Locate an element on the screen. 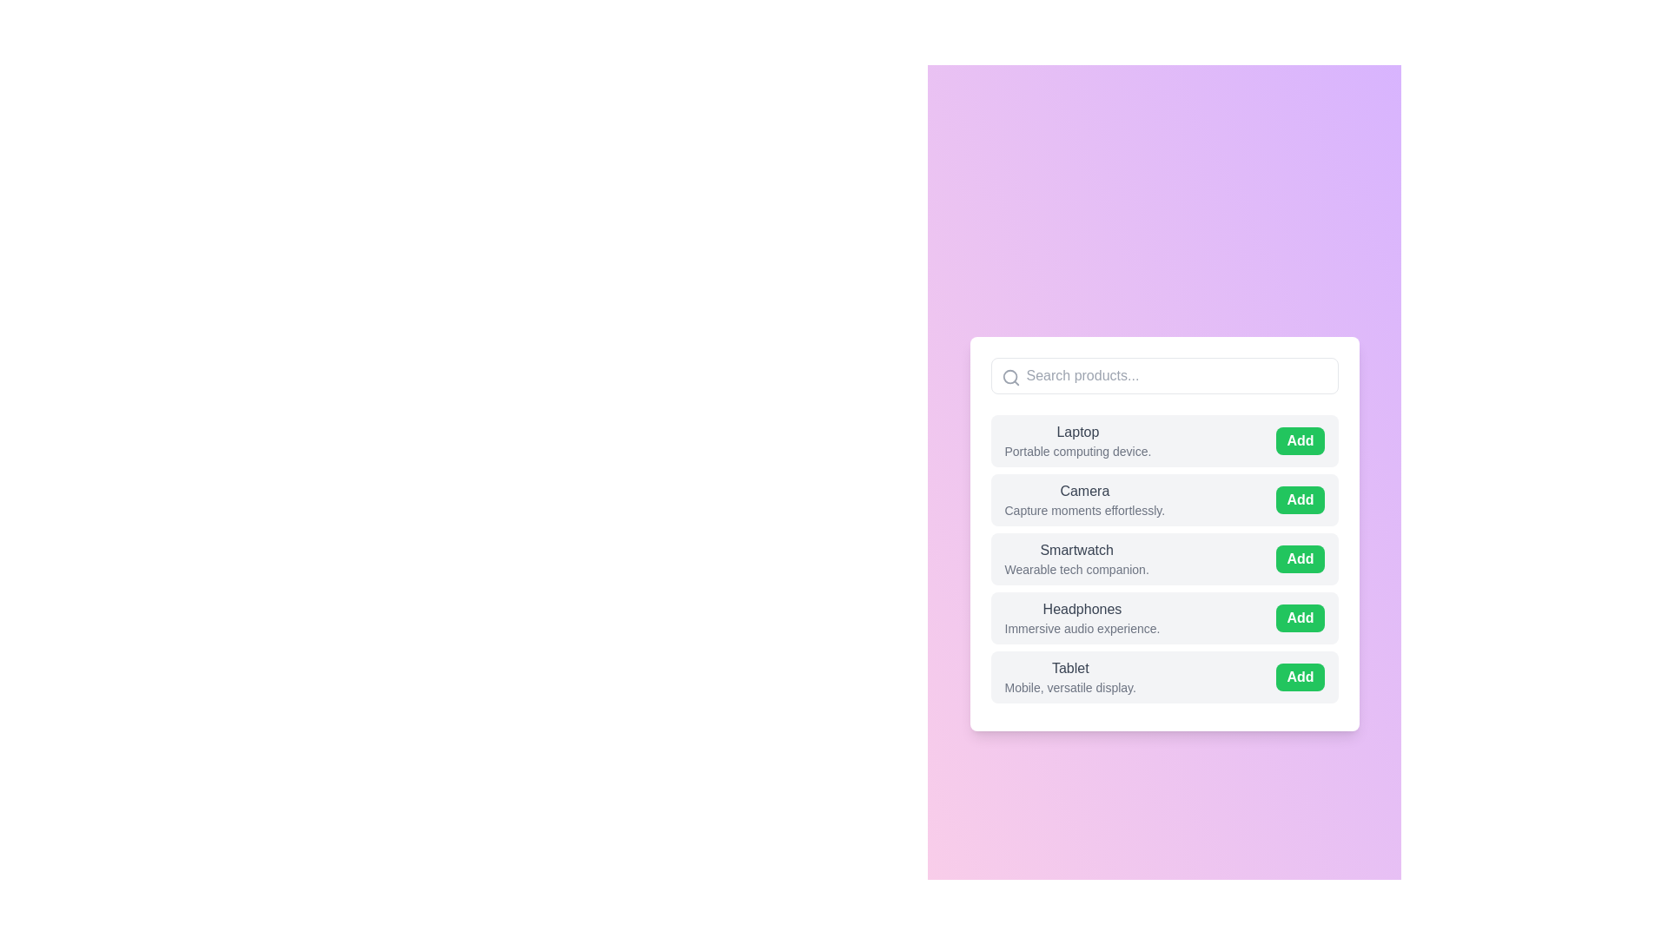  the text label 'Capture moments effortlessly.' located beneath the title 'Camera' in the product listing interface to check for tooltips is located at coordinates (1083, 509).